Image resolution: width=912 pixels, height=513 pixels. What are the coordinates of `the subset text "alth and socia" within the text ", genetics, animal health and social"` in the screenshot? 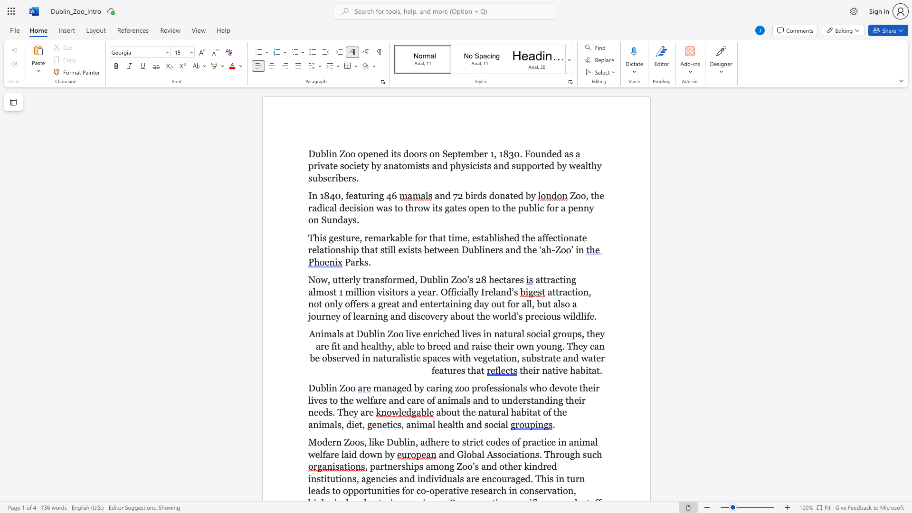 It's located at (447, 424).